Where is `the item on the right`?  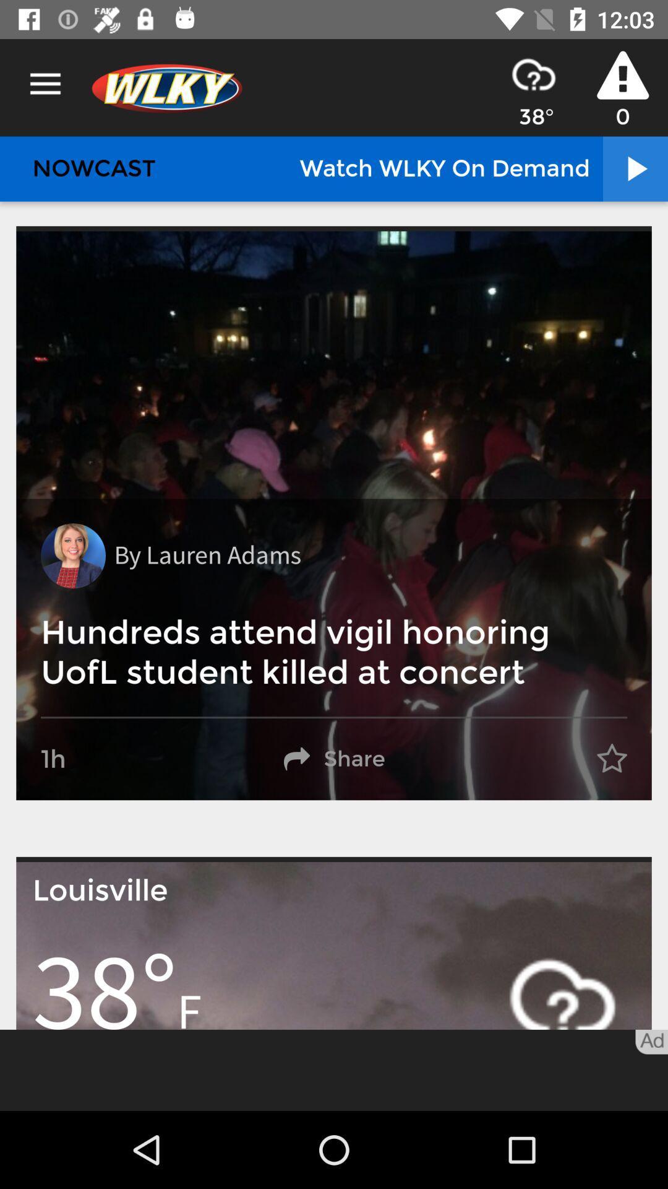 the item on the right is located at coordinates (611, 759).